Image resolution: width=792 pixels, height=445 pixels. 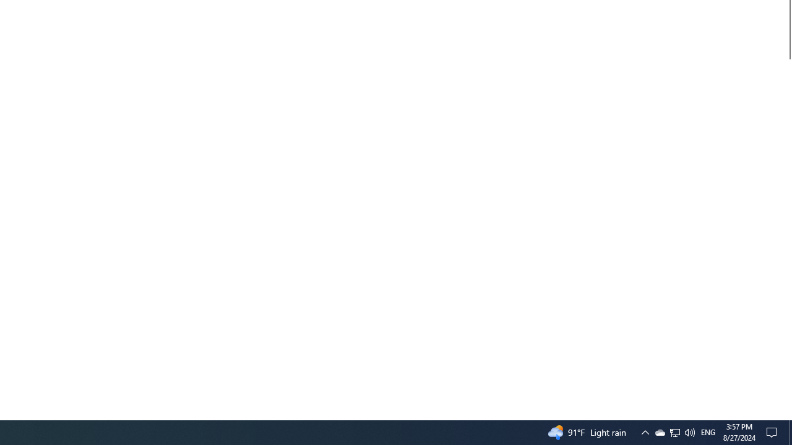 What do you see at coordinates (773, 431) in the screenshot?
I see `'Action Center, No new notifications'` at bounding box center [773, 431].